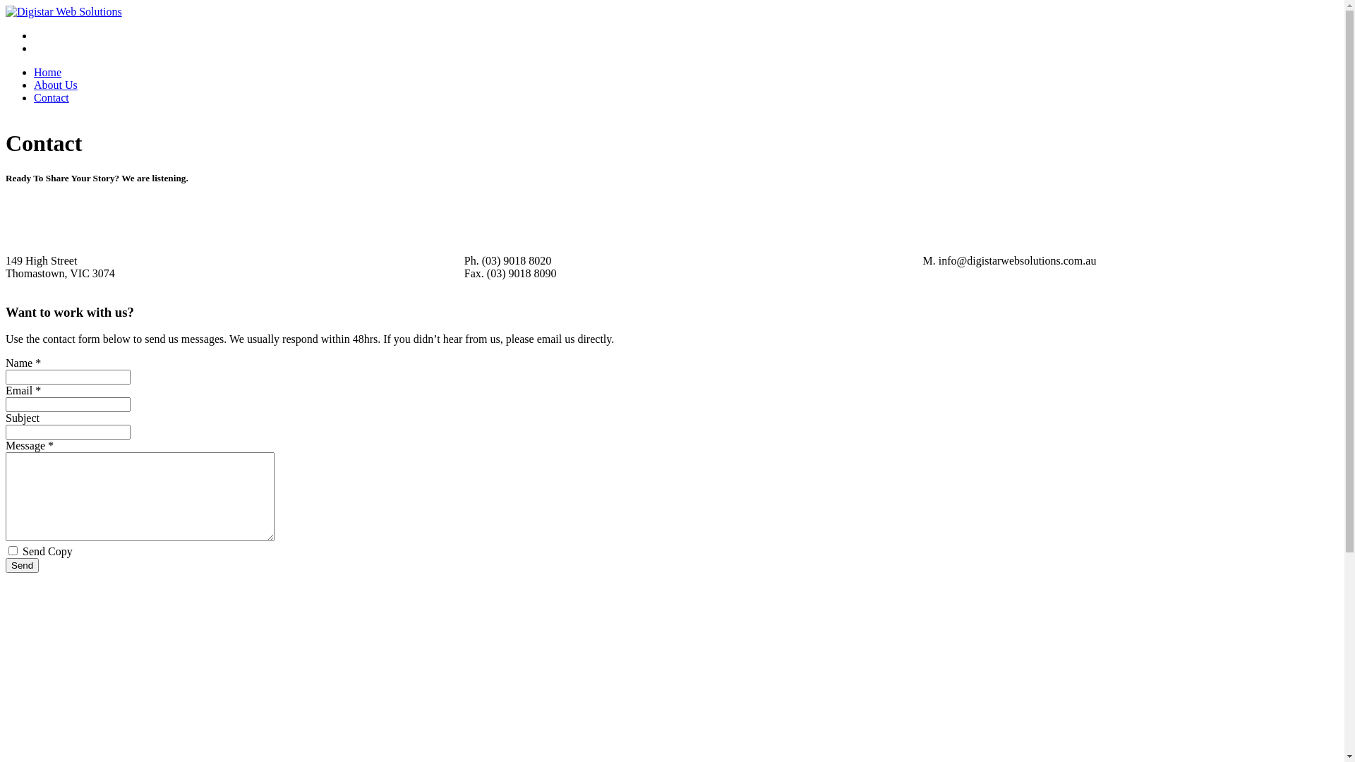 This screenshot has height=762, width=1355. Describe the element at coordinates (47, 72) in the screenshot. I see `'Home'` at that location.